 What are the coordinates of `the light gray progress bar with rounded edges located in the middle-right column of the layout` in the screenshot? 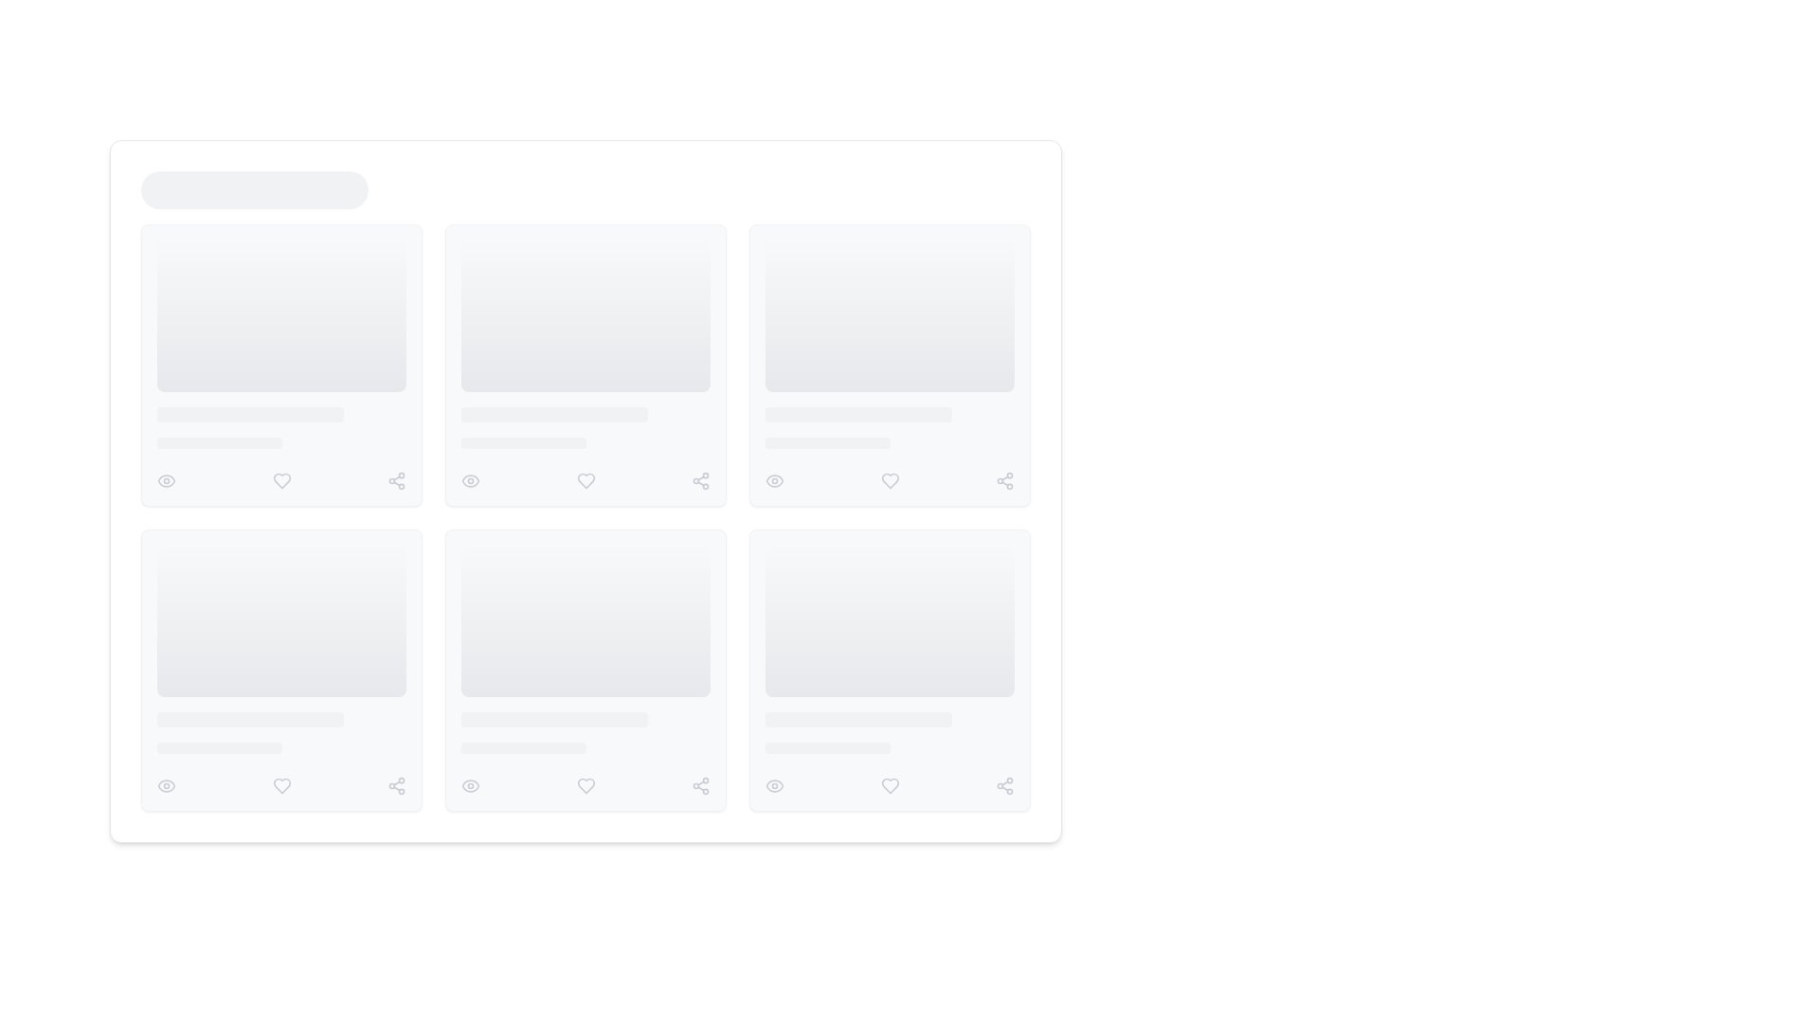 It's located at (523, 442).